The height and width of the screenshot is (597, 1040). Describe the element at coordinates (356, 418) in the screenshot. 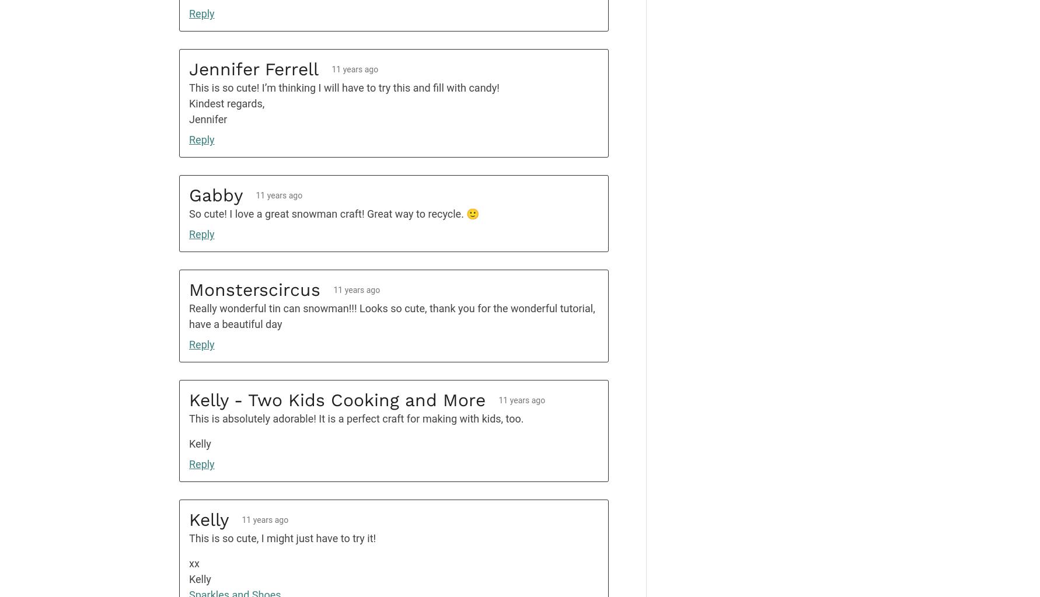

I see `'This is absolutely adorable! It is a perfect craft for making with kids, too.'` at that location.